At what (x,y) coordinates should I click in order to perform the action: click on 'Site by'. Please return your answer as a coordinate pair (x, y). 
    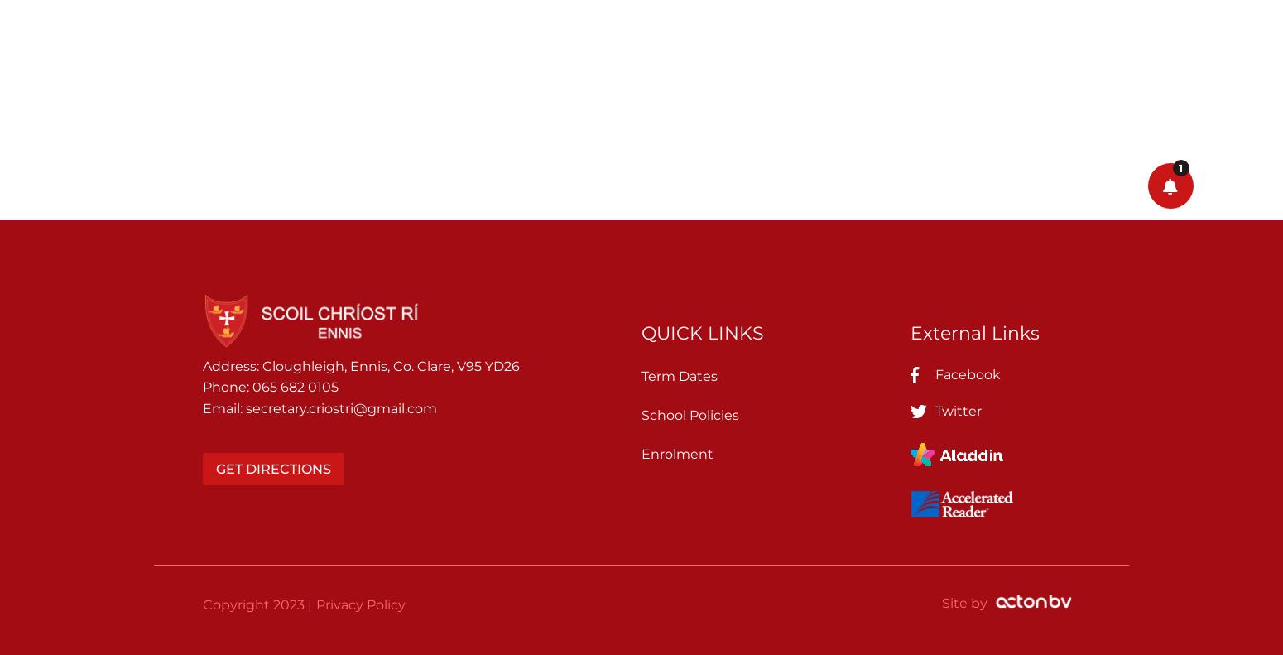
    Looking at the image, I should click on (964, 601).